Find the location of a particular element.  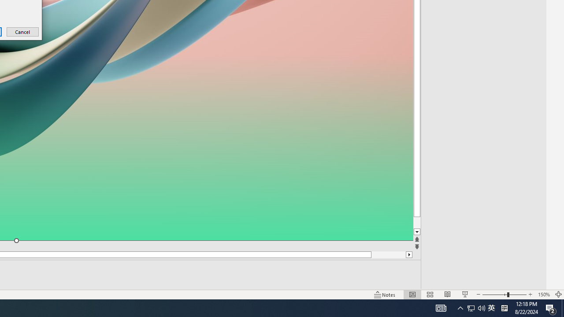

'Action Center, 2 new notifications' is located at coordinates (562, 307).